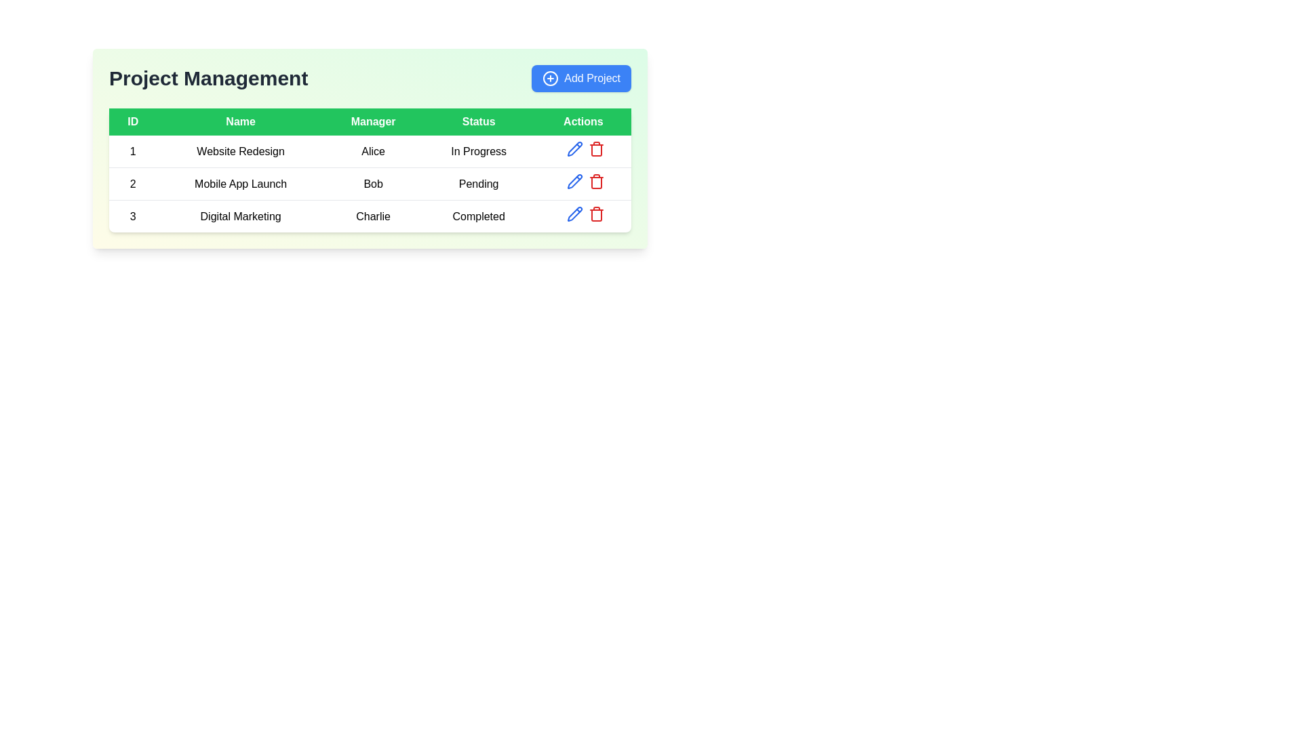 The width and height of the screenshot is (1302, 732). Describe the element at coordinates (133, 122) in the screenshot. I see `the Table Header Cell with the text 'ID', which is a green rectangular area located at the top-left corner of the table` at that location.